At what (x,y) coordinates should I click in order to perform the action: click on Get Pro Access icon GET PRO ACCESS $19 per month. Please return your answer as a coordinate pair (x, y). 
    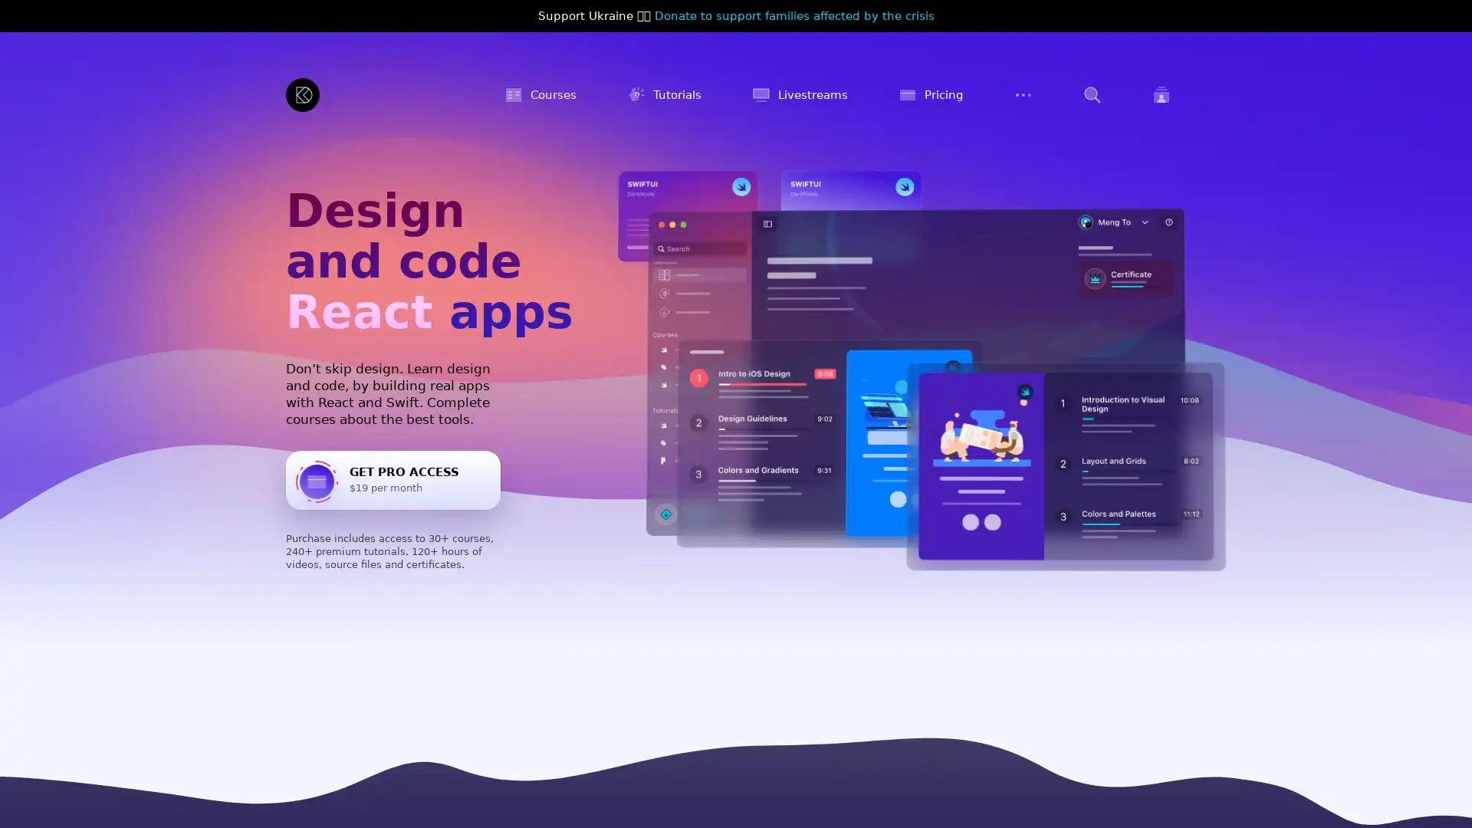
    Looking at the image, I should click on (393, 479).